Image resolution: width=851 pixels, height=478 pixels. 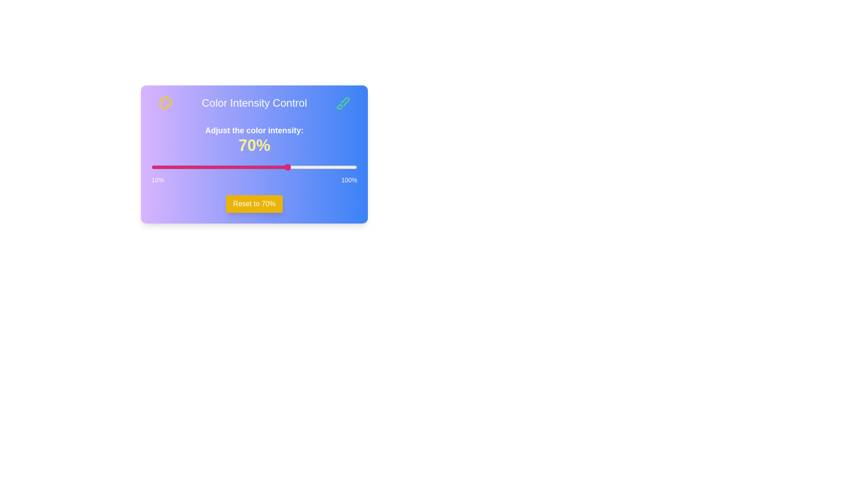 What do you see at coordinates (170, 167) in the screenshot?
I see `the slider to set the intensity to 18%` at bounding box center [170, 167].